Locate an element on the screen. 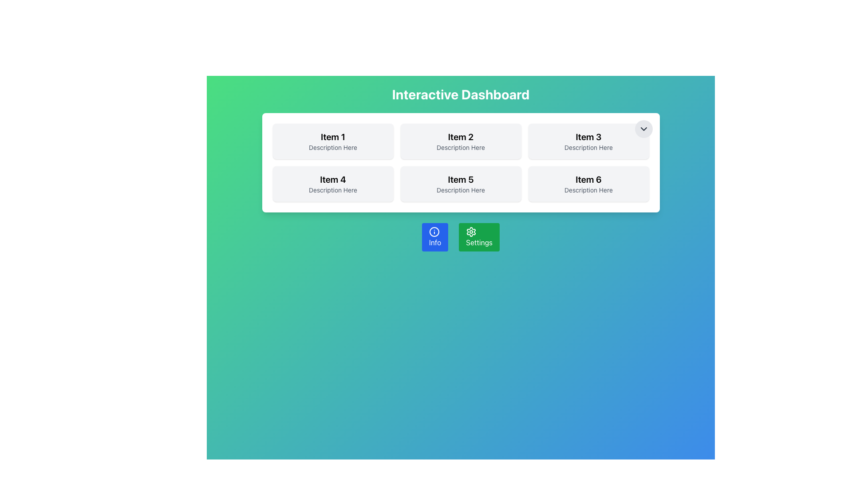 This screenshot has height=479, width=852. the rectangular card with a light gray background that contains the text 'Item 1' and 'Description Here', located in the first column of the first row in the grid layout is located at coordinates (332, 141).